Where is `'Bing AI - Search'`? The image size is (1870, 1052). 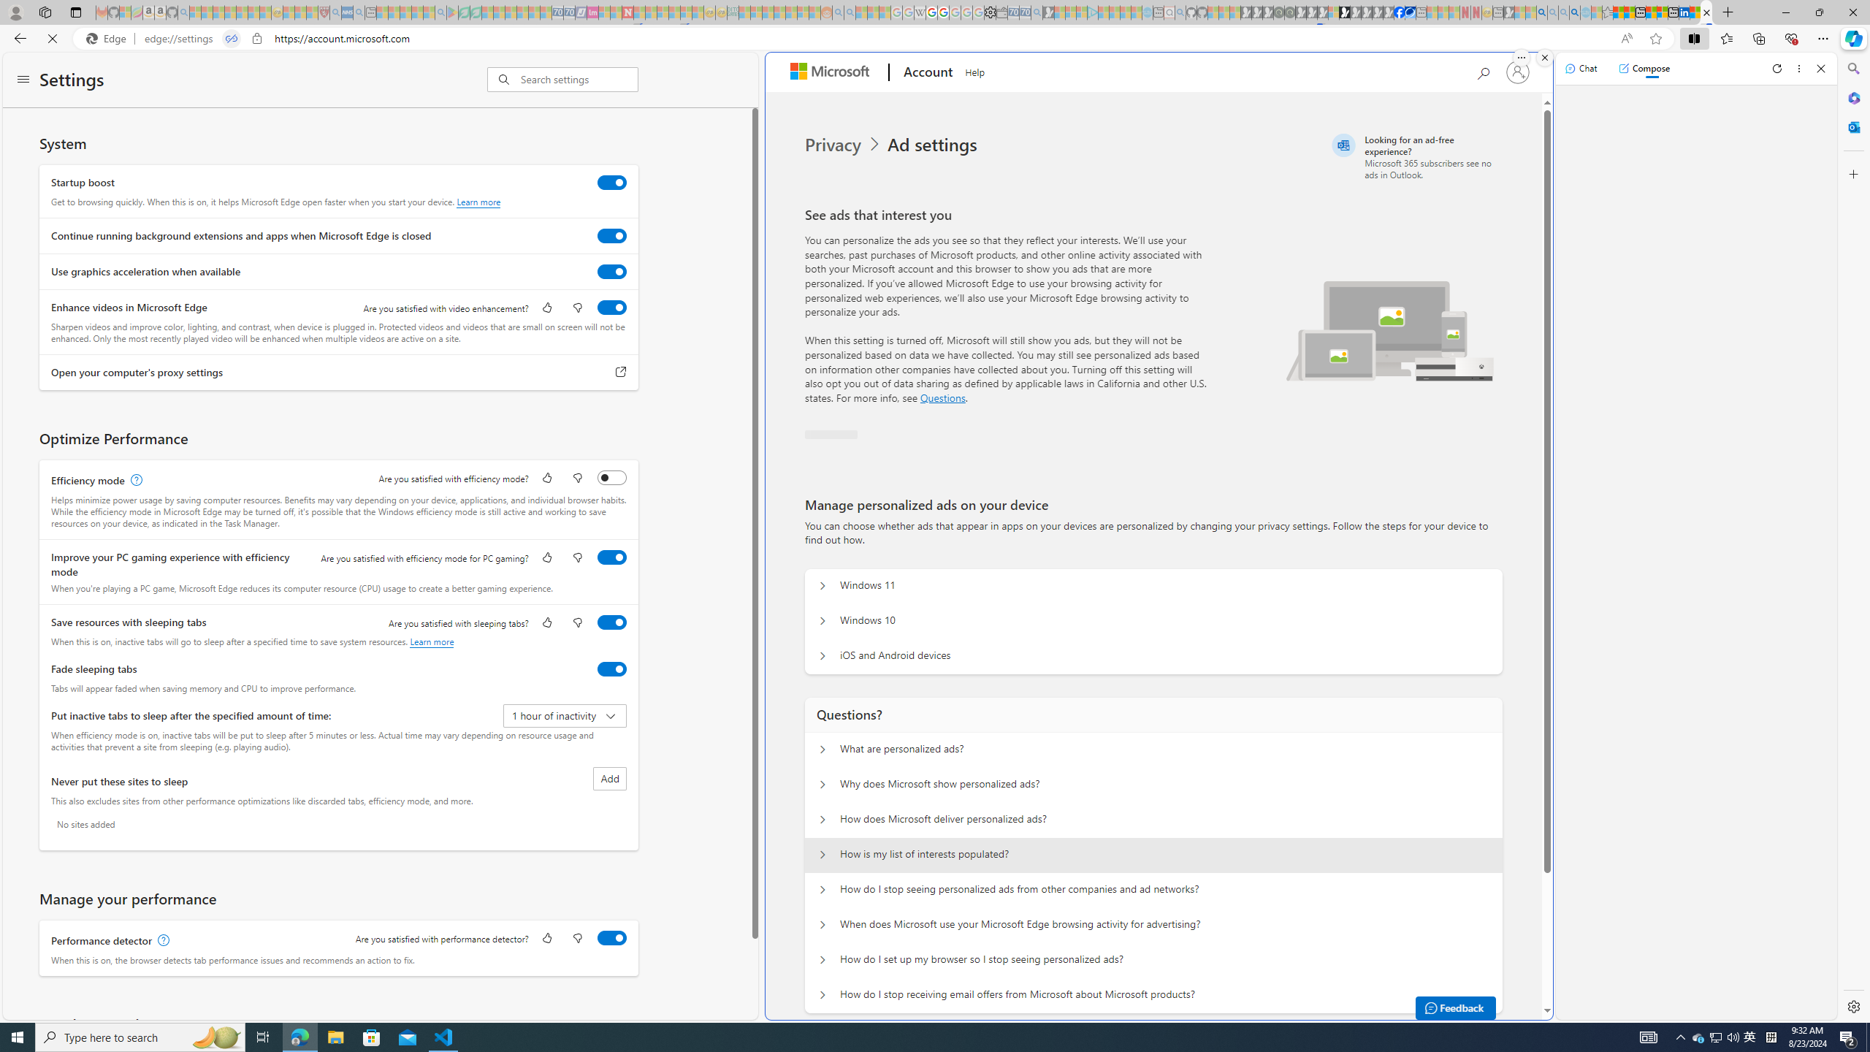 'Bing AI - Search' is located at coordinates (1541, 12).